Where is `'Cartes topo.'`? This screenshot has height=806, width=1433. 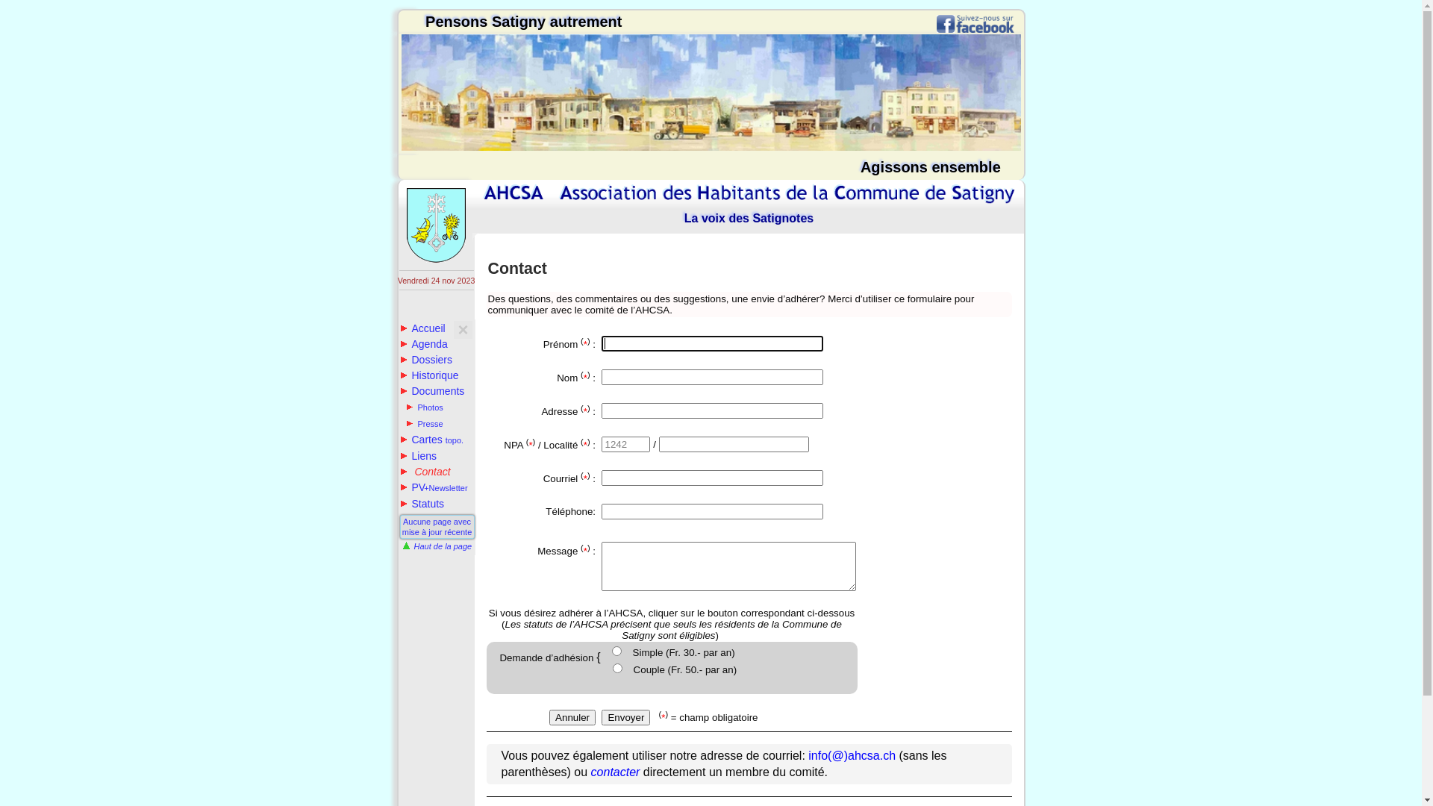 'Cartes topo.' is located at coordinates (431, 439).